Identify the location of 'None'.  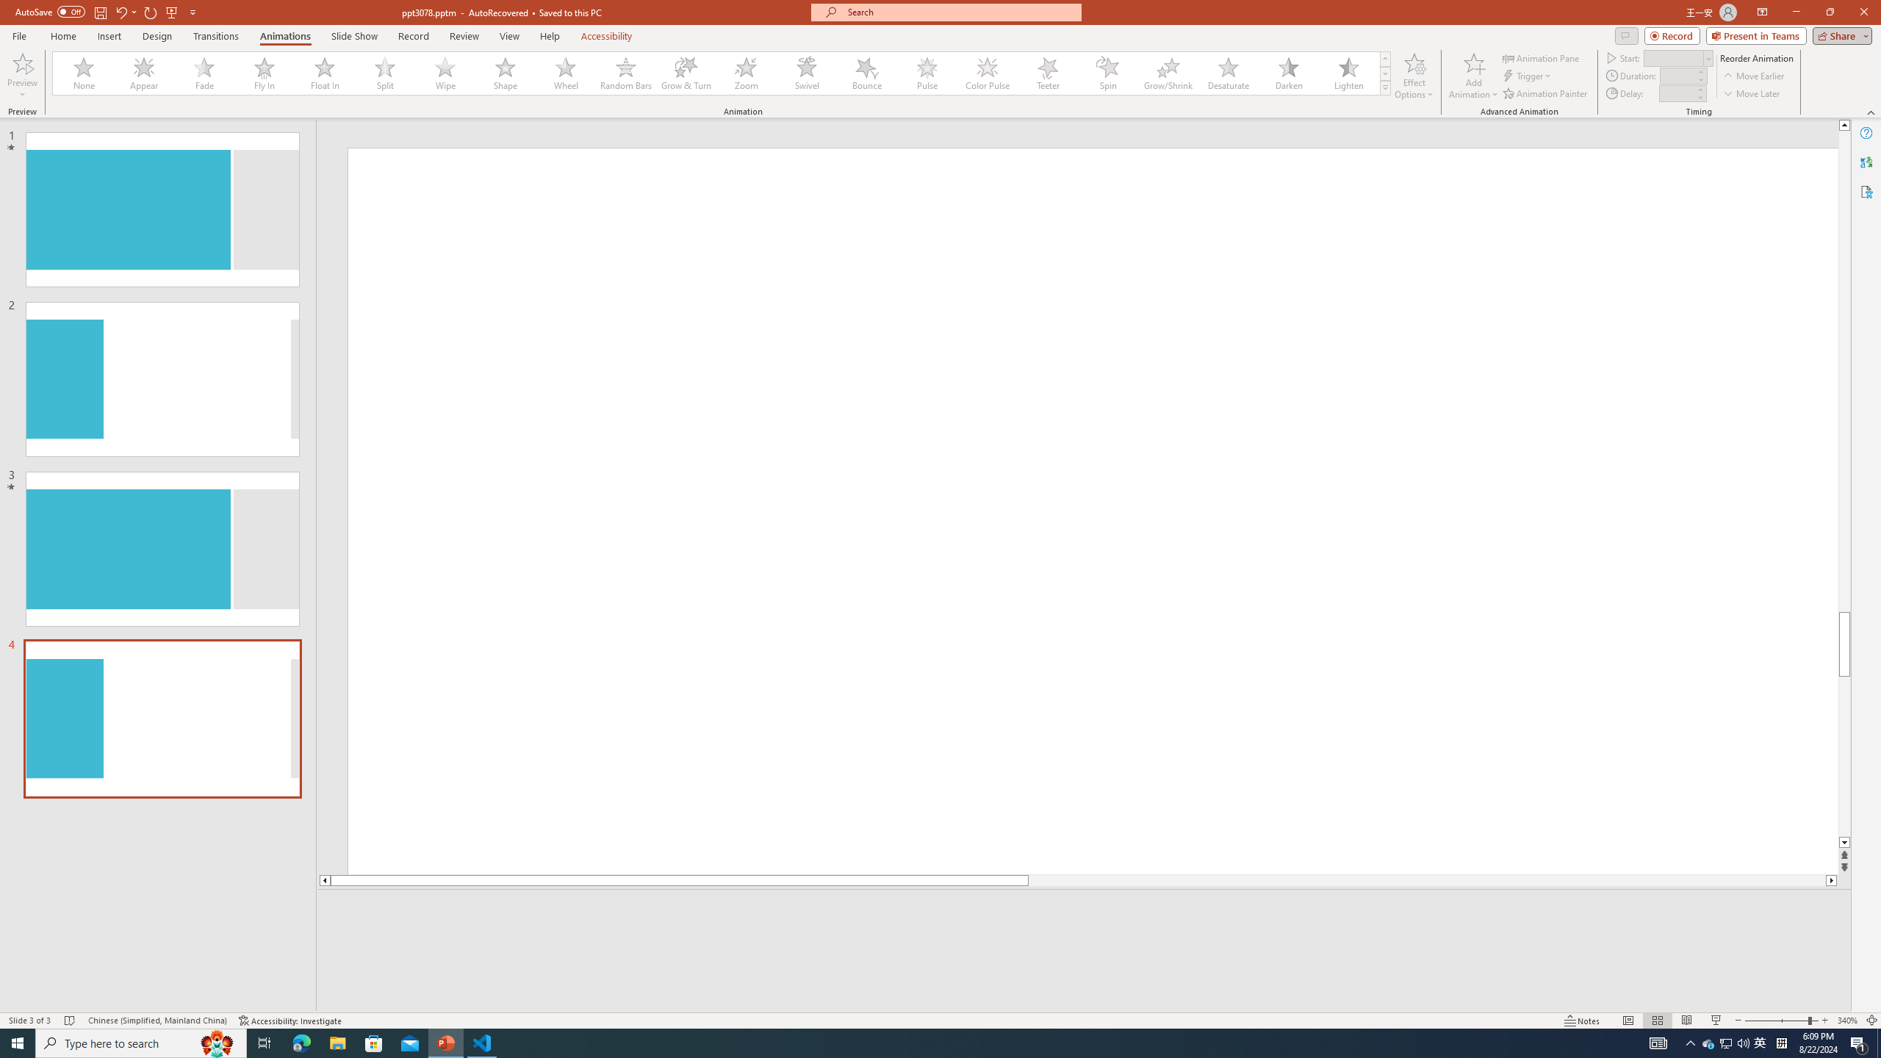
(84, 73).